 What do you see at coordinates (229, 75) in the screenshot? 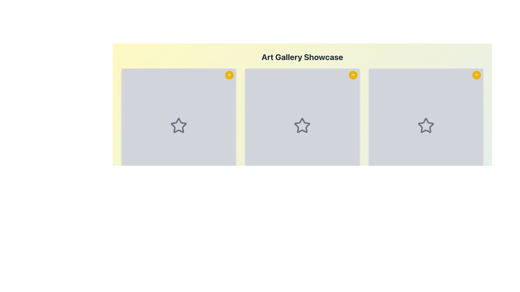
I see `the gallery item associated with the 'move up' or 'promote' button located in the top-right corner of the second item under the 'Art Gallery Showcase' heading` at bounding box center [229, 75].